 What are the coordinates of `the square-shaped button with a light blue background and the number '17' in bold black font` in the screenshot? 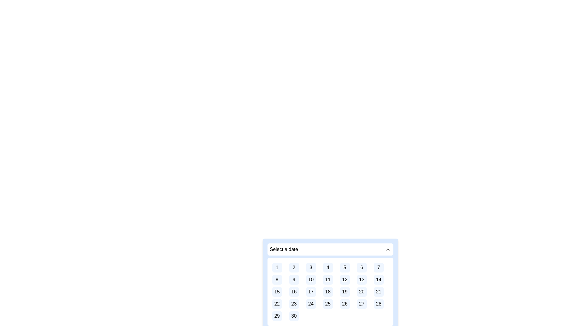 It's located at (311, 292).